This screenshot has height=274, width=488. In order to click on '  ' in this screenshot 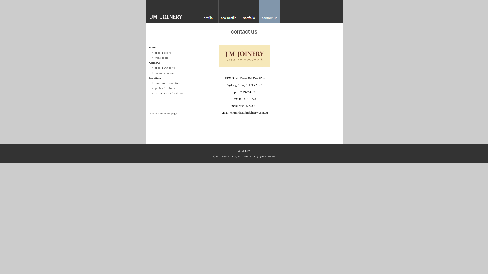, I will do `click(170, 108)`.